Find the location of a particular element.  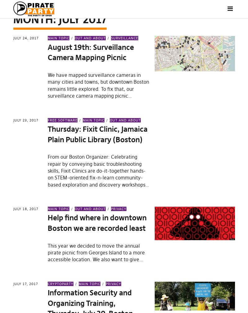

'July 18, 2017' is located at coordinates (25, 208).